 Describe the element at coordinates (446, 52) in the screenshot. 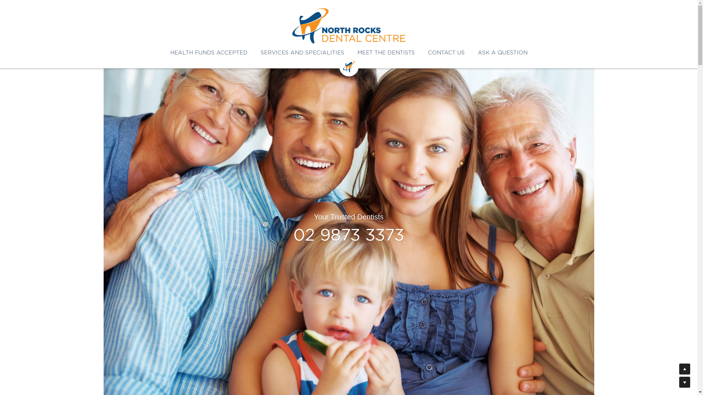

I see `'CONTACT US'` at that location.